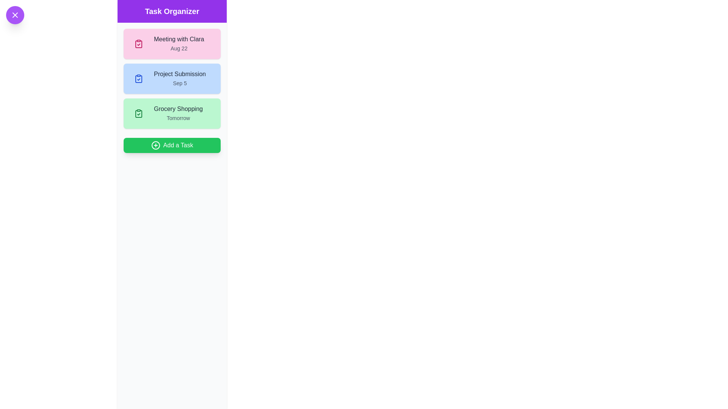 The height and width of the screenshot is (409, 728). Describe the element at coordinates (172, 145) in the screenshot. I see `'Add a Task' button` at that location.